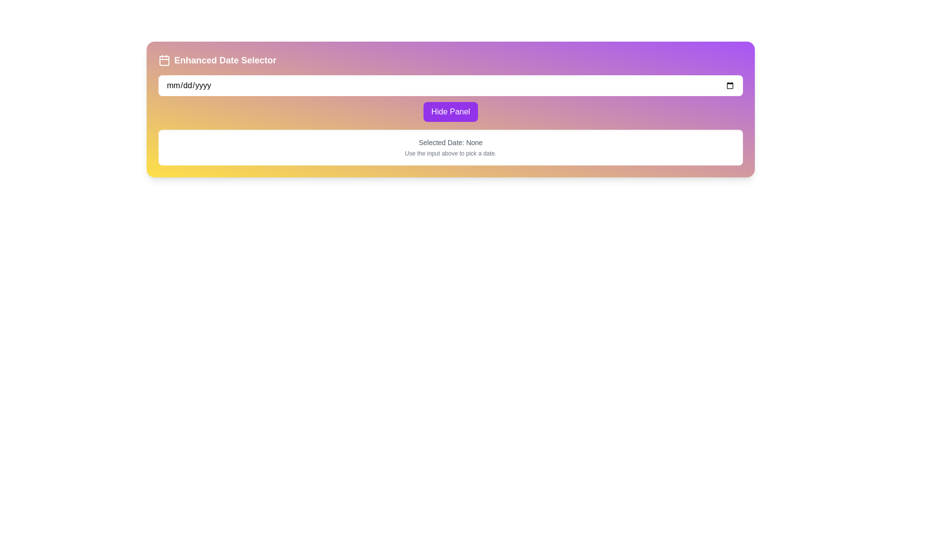 The width and height of the screenshot is (951, 535). What do you see at coordinates (450, 143) in the screenshot?
I see `the static text displaying the currently selected date, which is set to 'None' by default` at bounding box center [450, 143].